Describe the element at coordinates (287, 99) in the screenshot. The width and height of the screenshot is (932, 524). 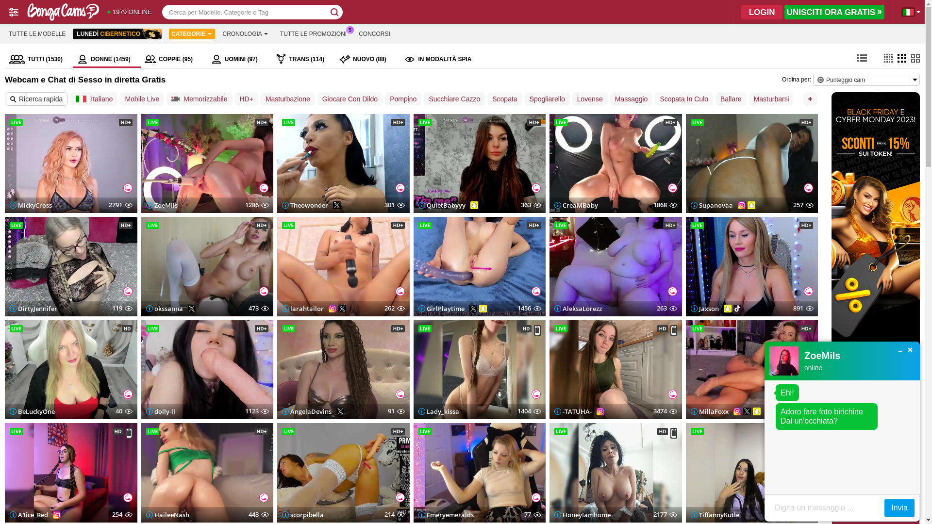
I see `'Masturbazione'` at that location.